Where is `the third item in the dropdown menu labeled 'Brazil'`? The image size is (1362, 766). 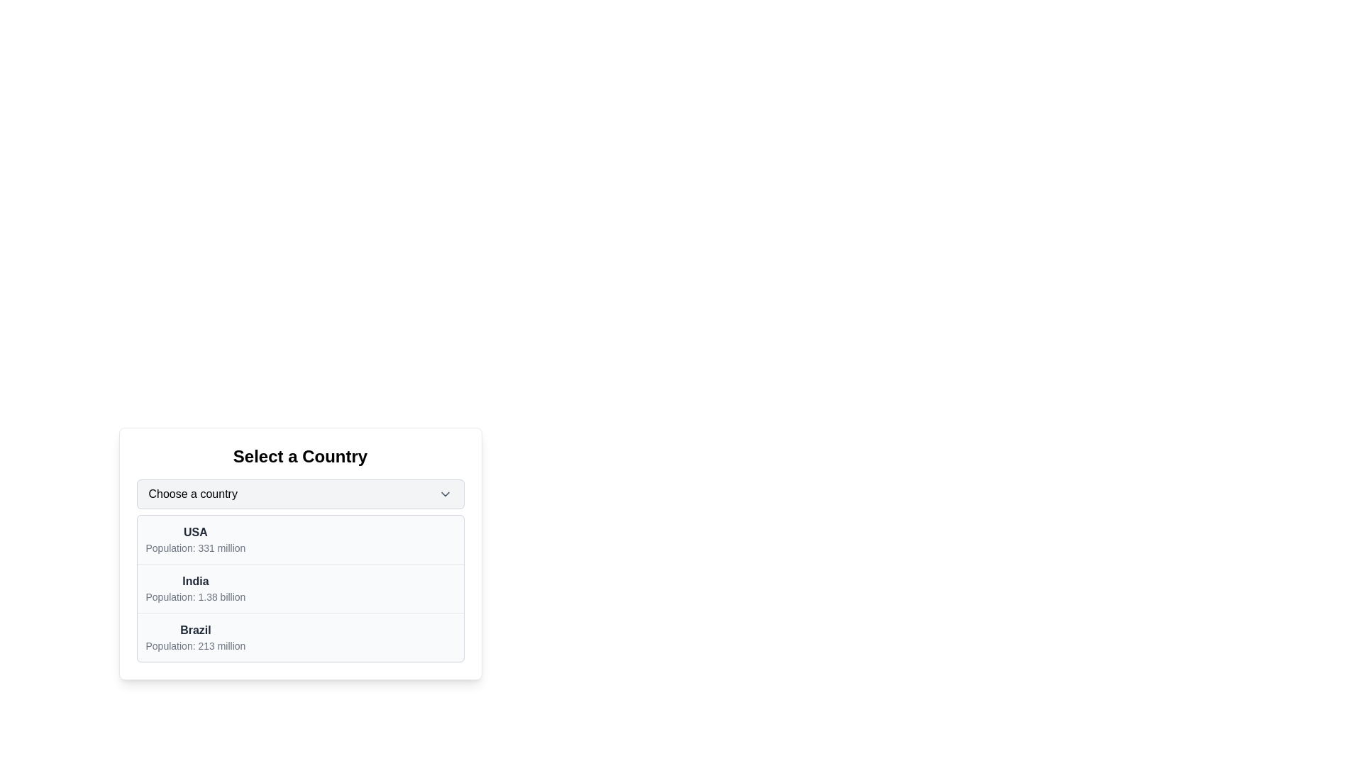
the third item in the dropdown menu labeled 'Brazil' is located at coordinates (194, 636).